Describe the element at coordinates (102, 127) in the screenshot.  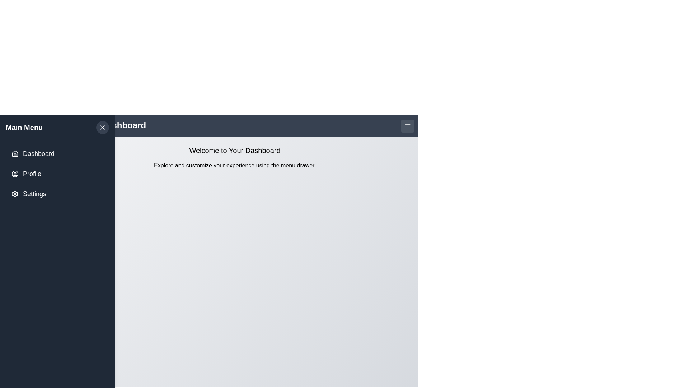
I see `the close icon located at the top-left corner of the navigation menu header` at that location.